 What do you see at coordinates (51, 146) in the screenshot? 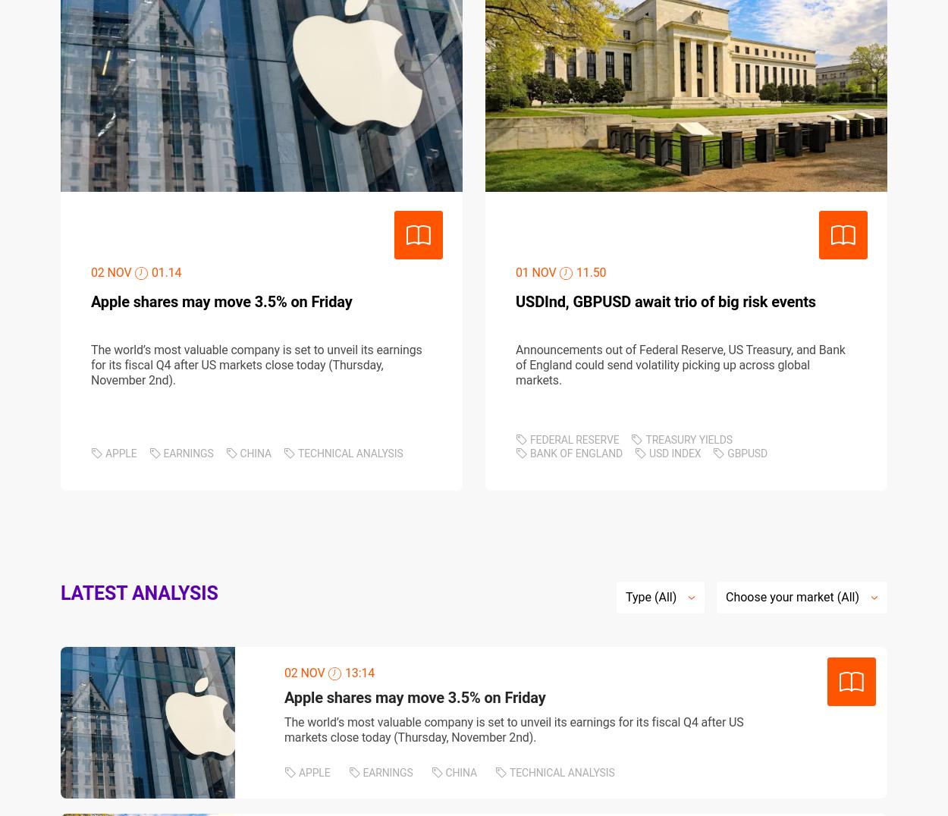
I see `'JOIN US'` at bounding box center [51, 146].